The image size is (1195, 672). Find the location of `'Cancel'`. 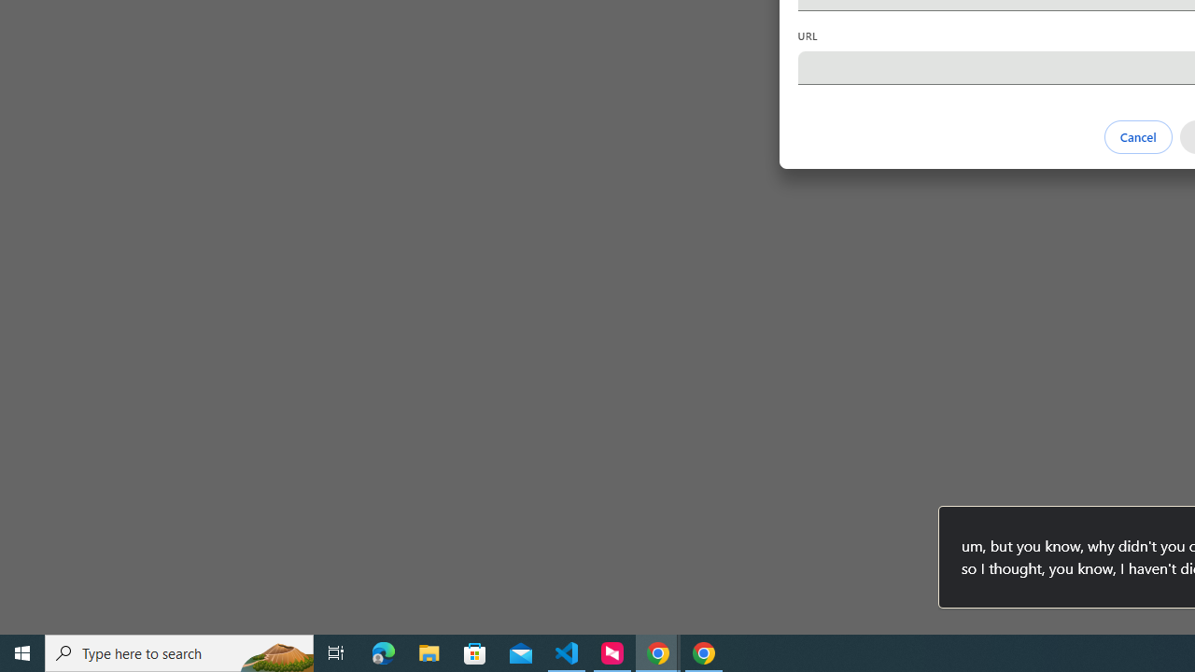

'Cancel' is located at coordinates (1136, 135).